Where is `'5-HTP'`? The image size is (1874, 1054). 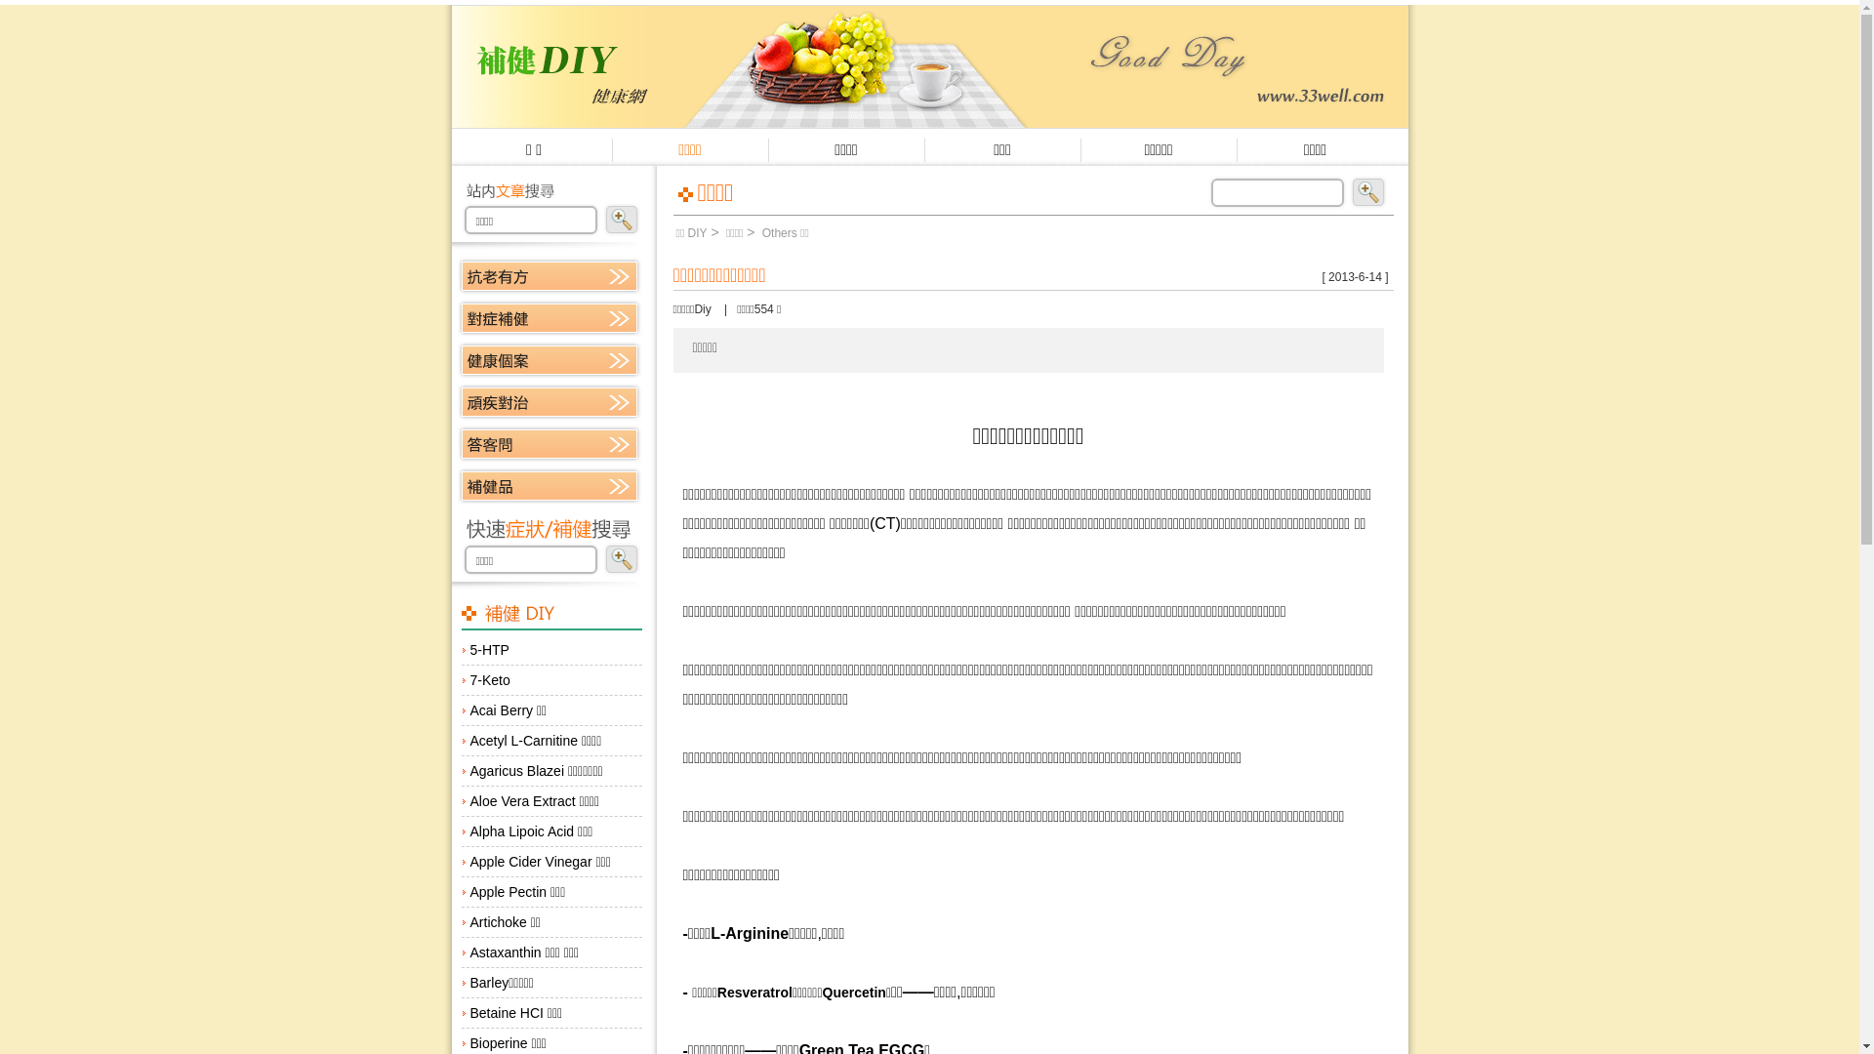
'5-HTP' is located at coordinates (550, 650).